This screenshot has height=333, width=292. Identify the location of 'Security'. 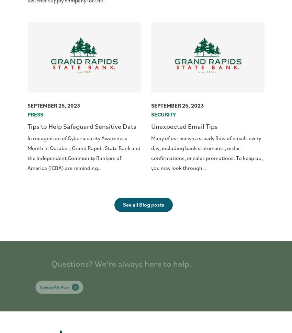
(164, 114).